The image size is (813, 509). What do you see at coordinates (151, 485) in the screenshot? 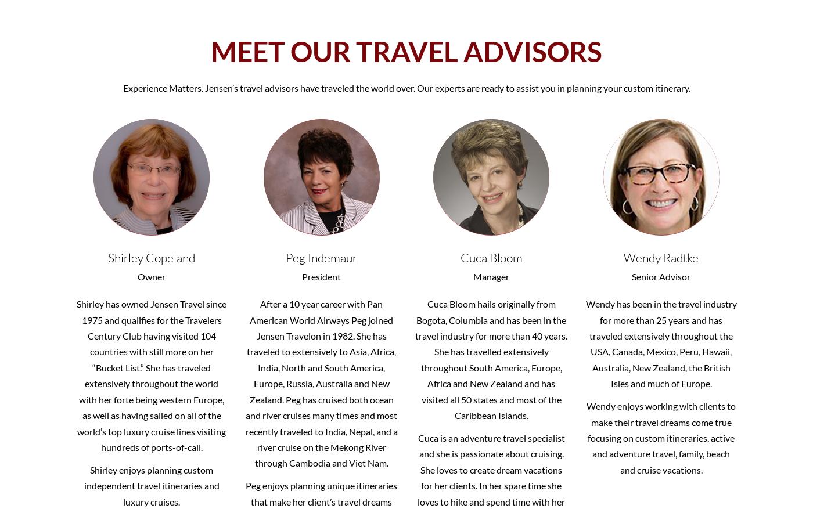
I see `'Shirley enjoys planning custom independent travel itineraries and luxury cruises.'` at bounding box center [151, 485].